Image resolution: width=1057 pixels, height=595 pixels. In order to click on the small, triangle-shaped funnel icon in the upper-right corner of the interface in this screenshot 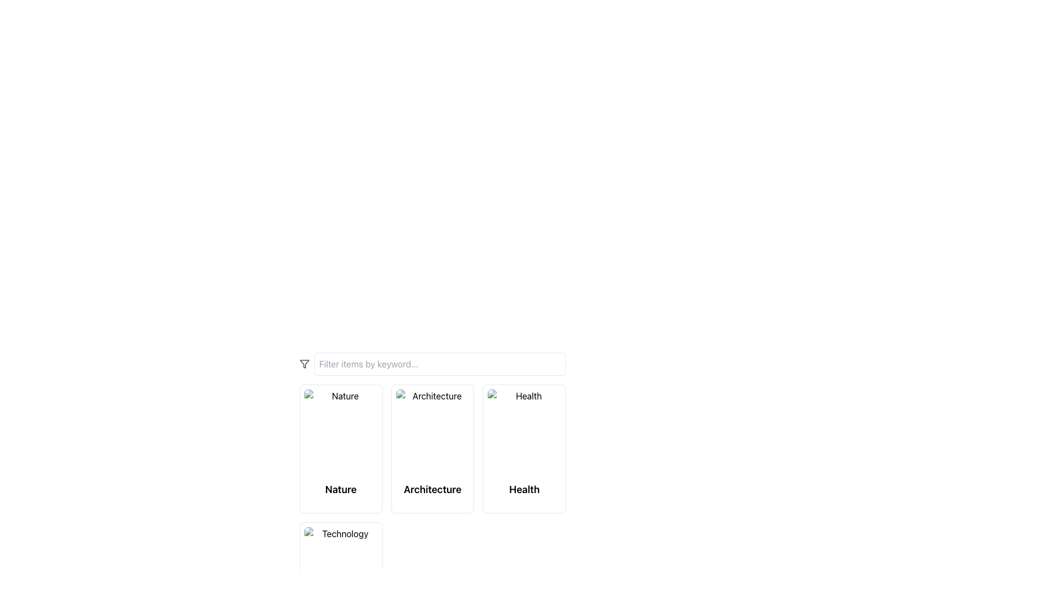, I will do `click(304, 364)`.